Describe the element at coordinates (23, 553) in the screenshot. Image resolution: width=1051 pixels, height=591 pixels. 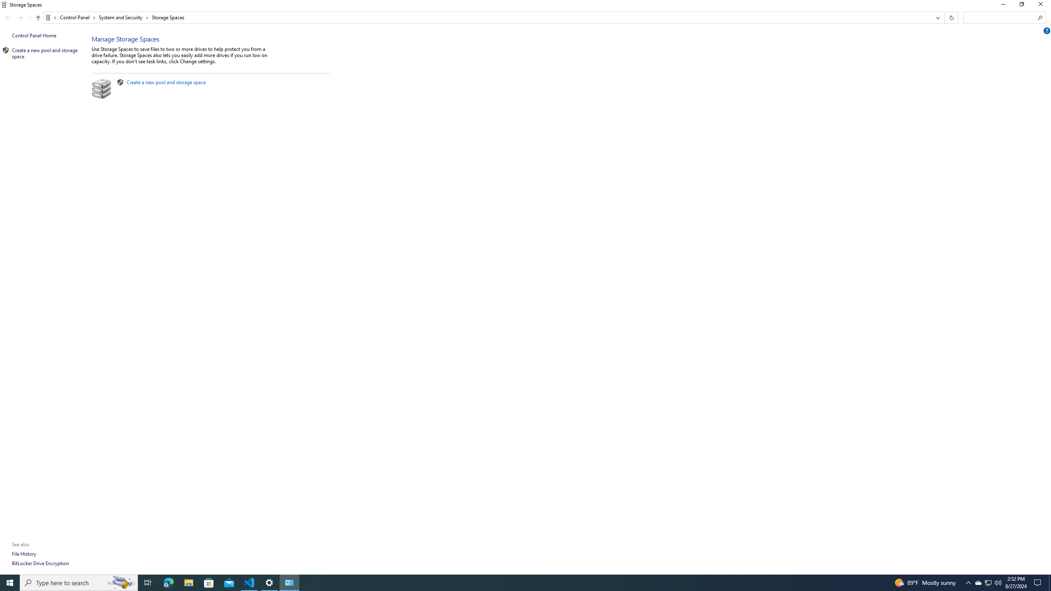
I see `'File History'` at that location.